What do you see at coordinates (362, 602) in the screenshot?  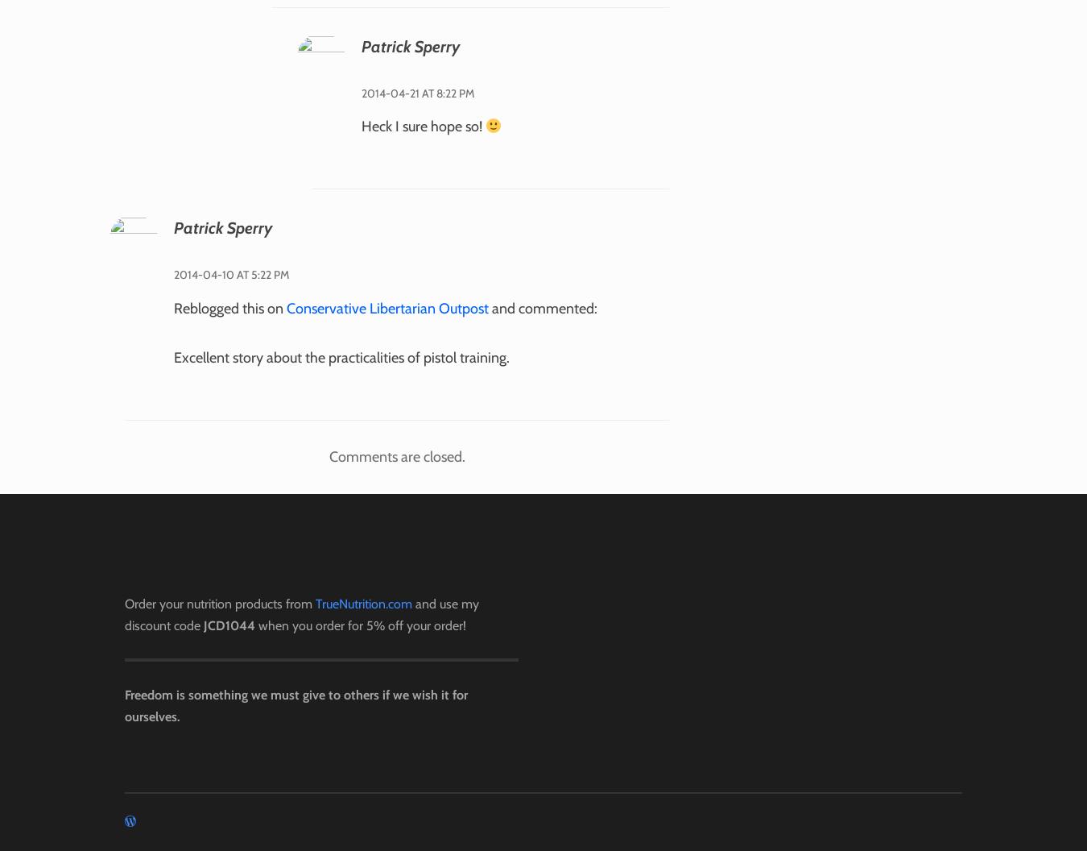 I see `'TrueNutrition.com'` at bounding box center [362, 602].